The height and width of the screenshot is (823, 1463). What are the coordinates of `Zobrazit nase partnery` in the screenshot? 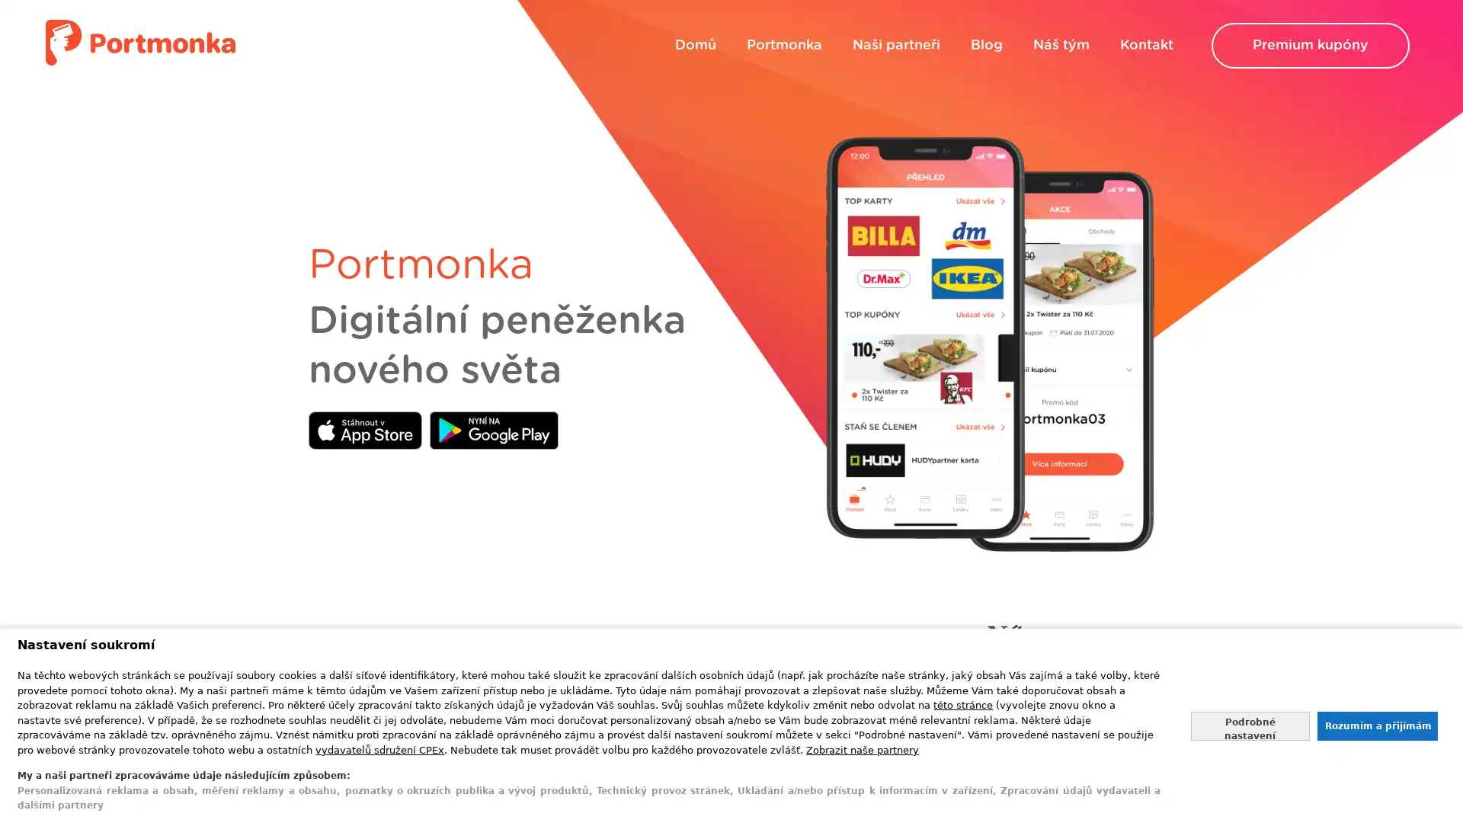 It's located at (863, 748).